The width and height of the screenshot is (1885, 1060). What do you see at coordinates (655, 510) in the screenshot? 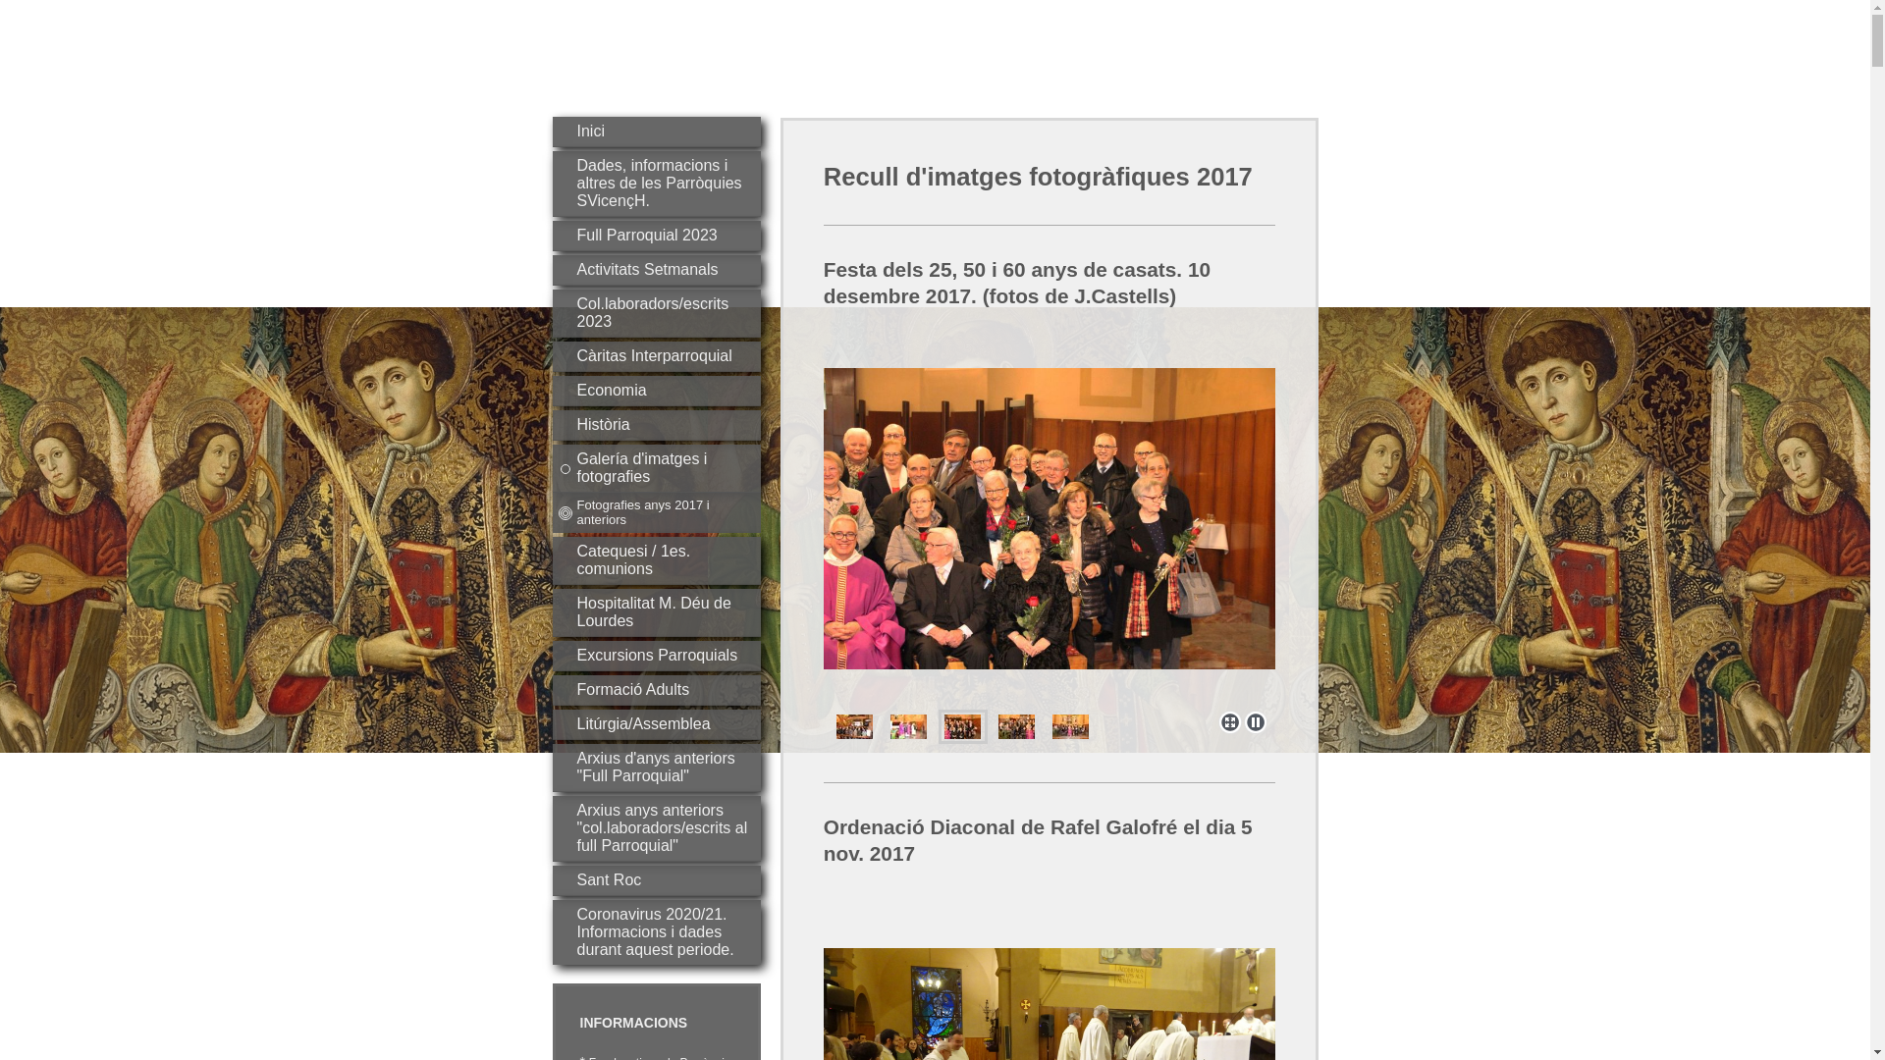
I see `'Fotografies anys 2017 i anteriors'` at bounding box center [655, 510].